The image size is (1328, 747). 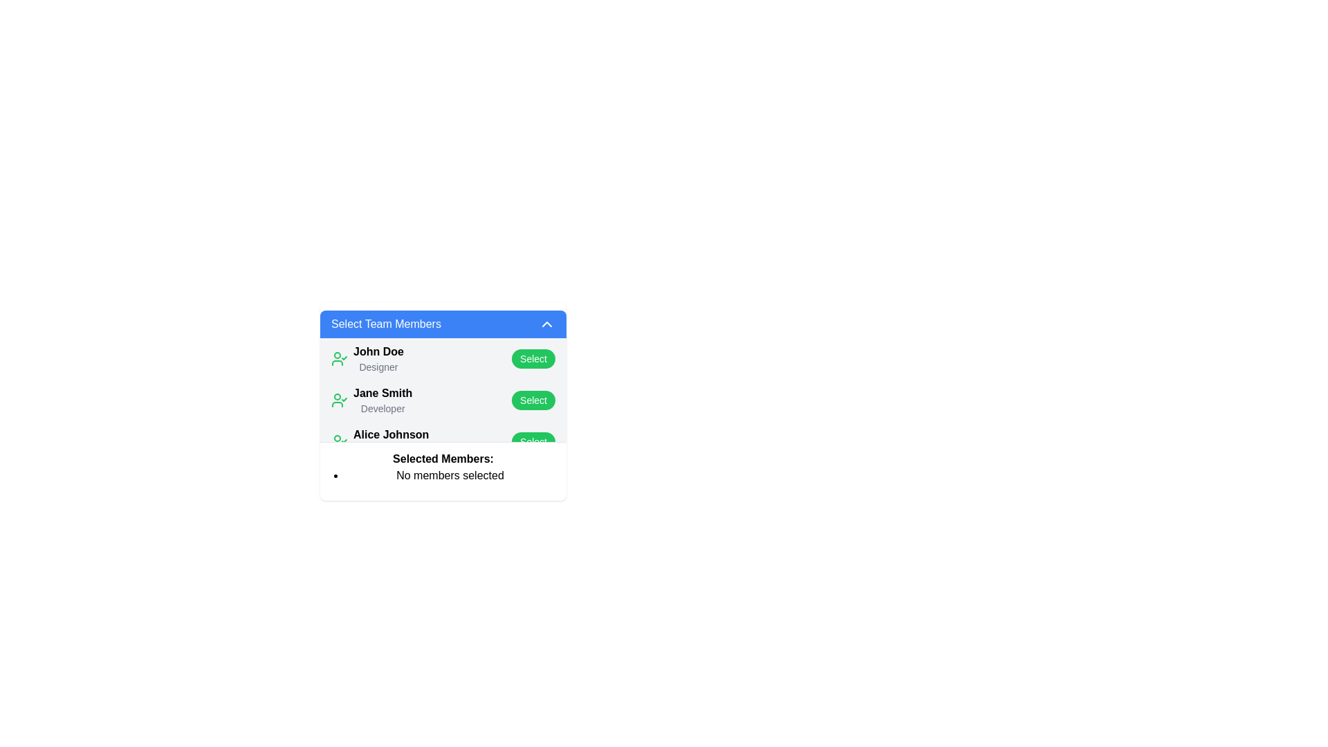 I want to click on the bold, black text label reading 'Selected Members:' which is displayed against a white background, located near the bottom of the 'Select Team Members' component, immediately above 'No members selected.', so click(x=443, y=459).